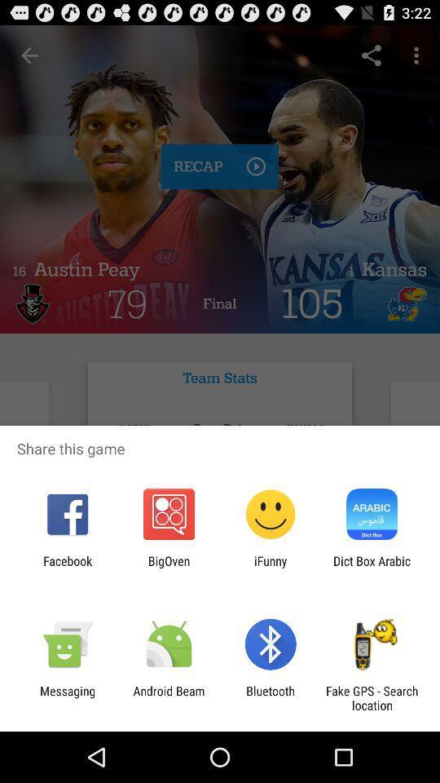  Describe the element at coordinates (271, 568) in the screenshot. I see `item next to the bigoven icon` at that location.